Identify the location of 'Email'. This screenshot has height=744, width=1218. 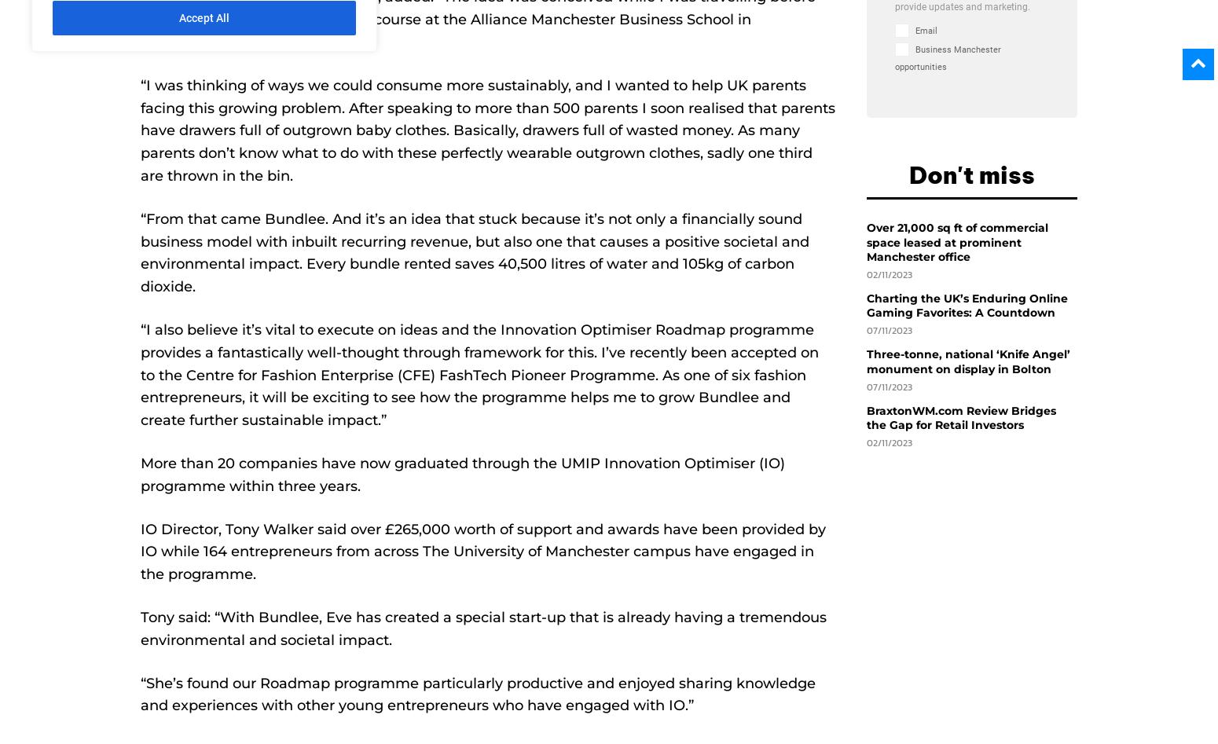
(926, 31).